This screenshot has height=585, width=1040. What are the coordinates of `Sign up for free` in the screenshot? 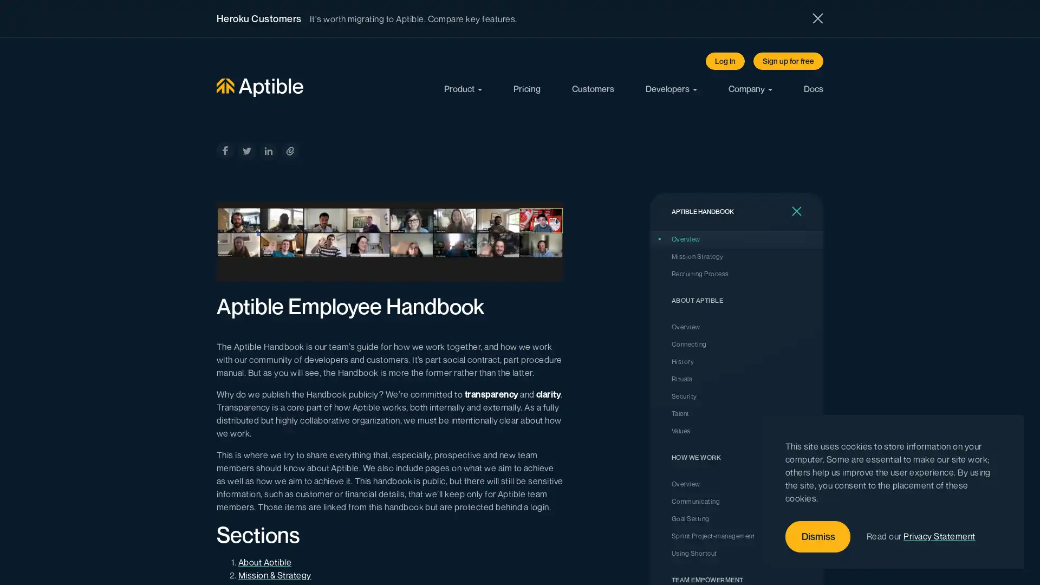 It's located at (788, 61).